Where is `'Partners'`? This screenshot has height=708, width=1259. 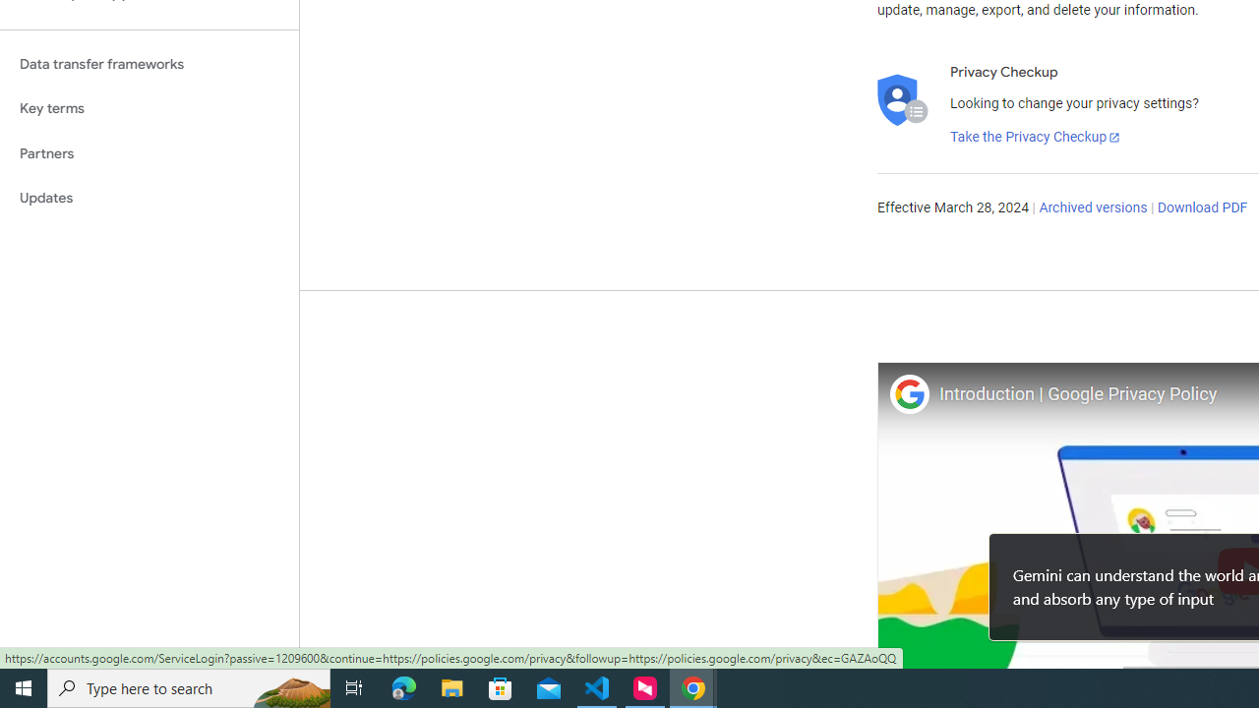
'Partners' is located at coordinates (149, 152).